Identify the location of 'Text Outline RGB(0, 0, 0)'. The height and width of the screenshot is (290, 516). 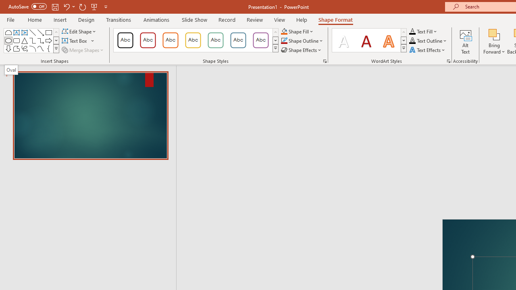
(412, 41).